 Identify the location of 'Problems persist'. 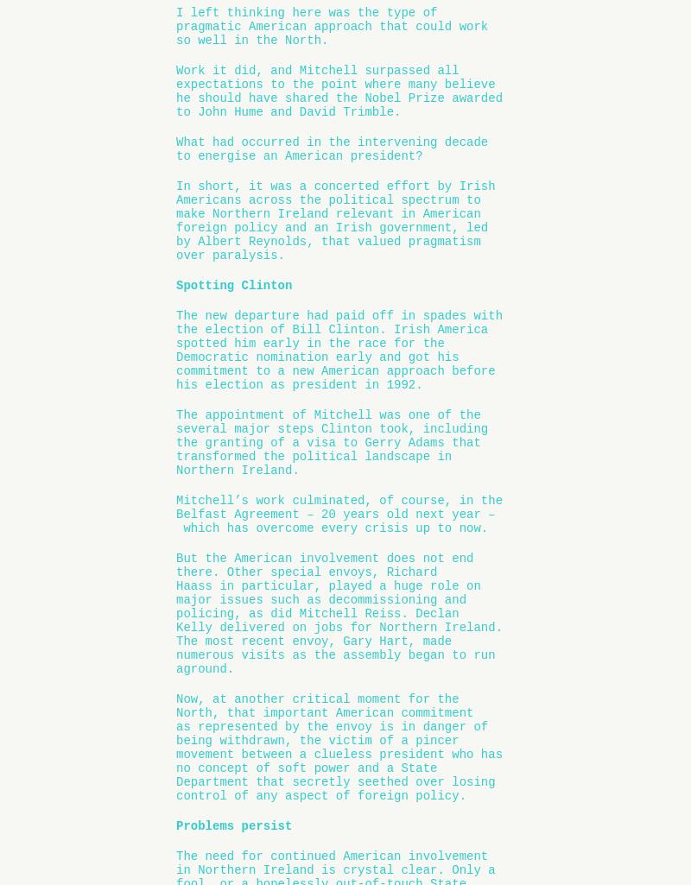
(233, 825).